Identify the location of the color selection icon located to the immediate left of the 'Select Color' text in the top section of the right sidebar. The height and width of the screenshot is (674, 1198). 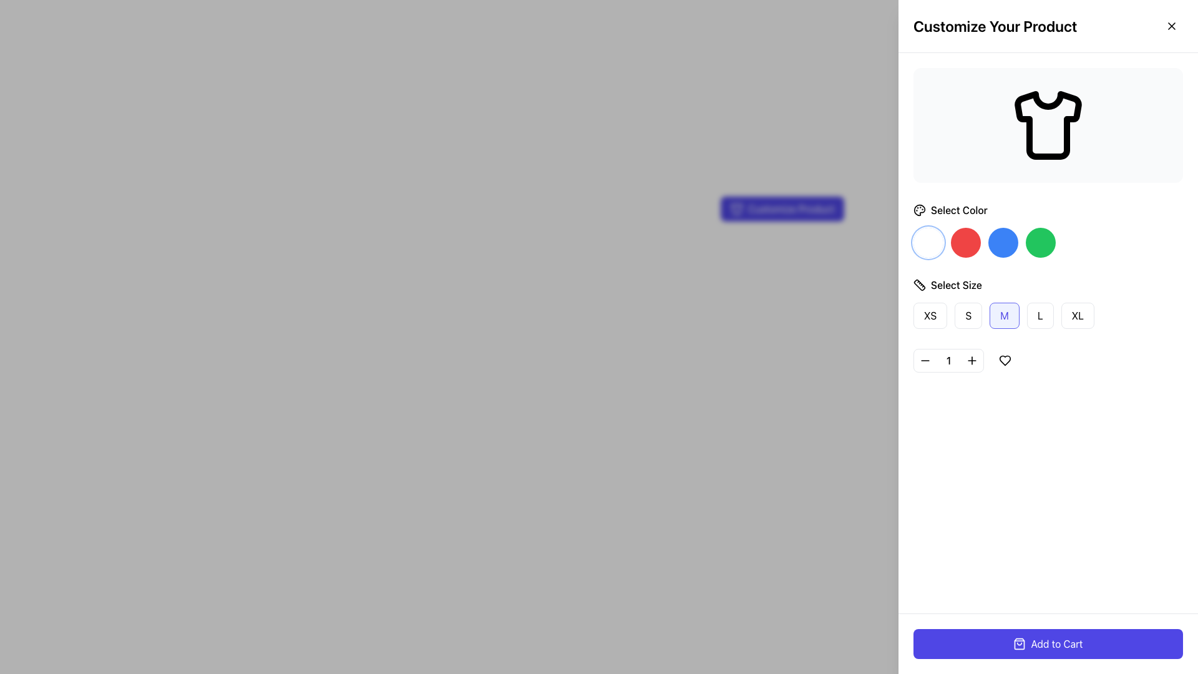
(919, 209).